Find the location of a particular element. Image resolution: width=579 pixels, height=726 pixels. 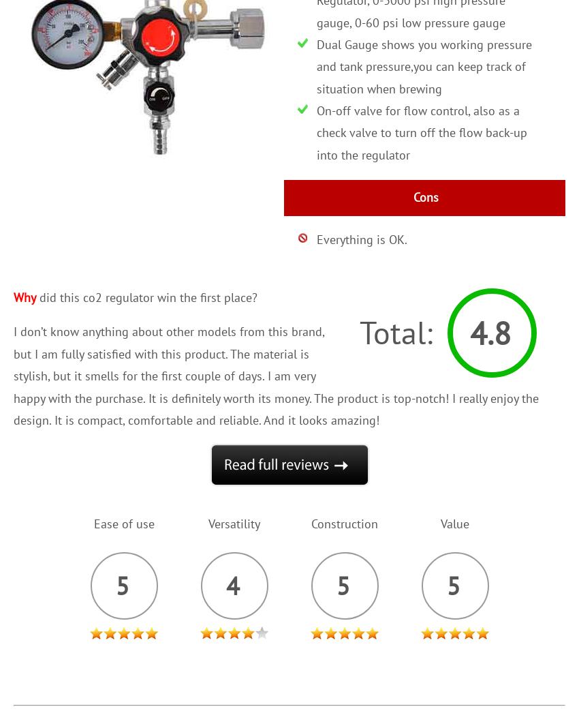

'Why' is located at coordinates (24, 296).